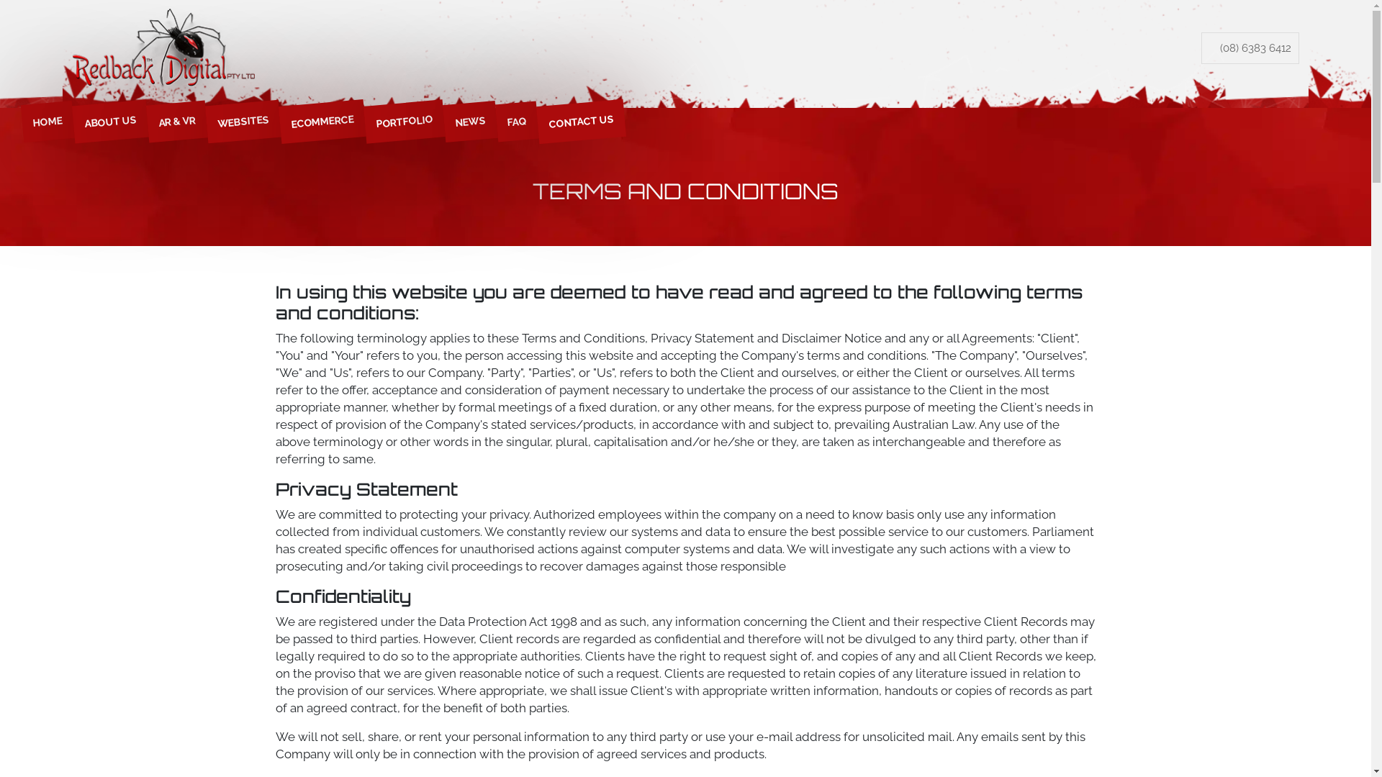 The width and height of the screenshot is (1382, 777). Describe the element at coordinates (46, 118) in the screenshot. I see `'HOME'` at that location.